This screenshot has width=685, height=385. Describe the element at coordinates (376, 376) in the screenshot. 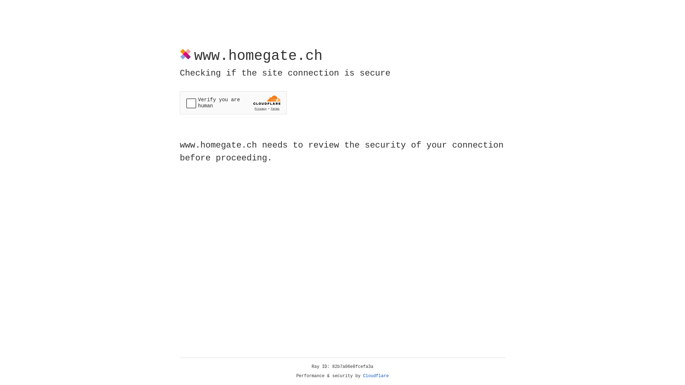

I see `'Cloudflare'` at that location.